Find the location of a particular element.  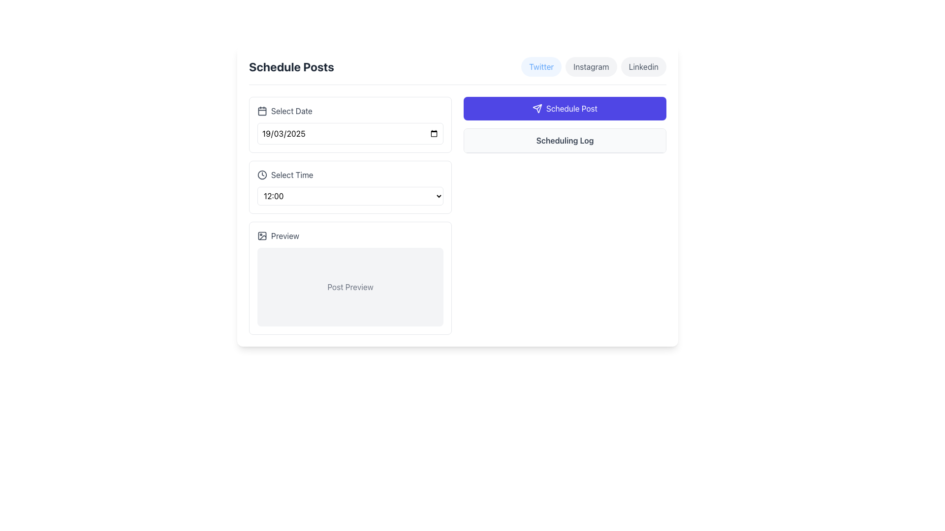

the Dropdown menu displaying '12:00' is located at coordinates (350, 196).